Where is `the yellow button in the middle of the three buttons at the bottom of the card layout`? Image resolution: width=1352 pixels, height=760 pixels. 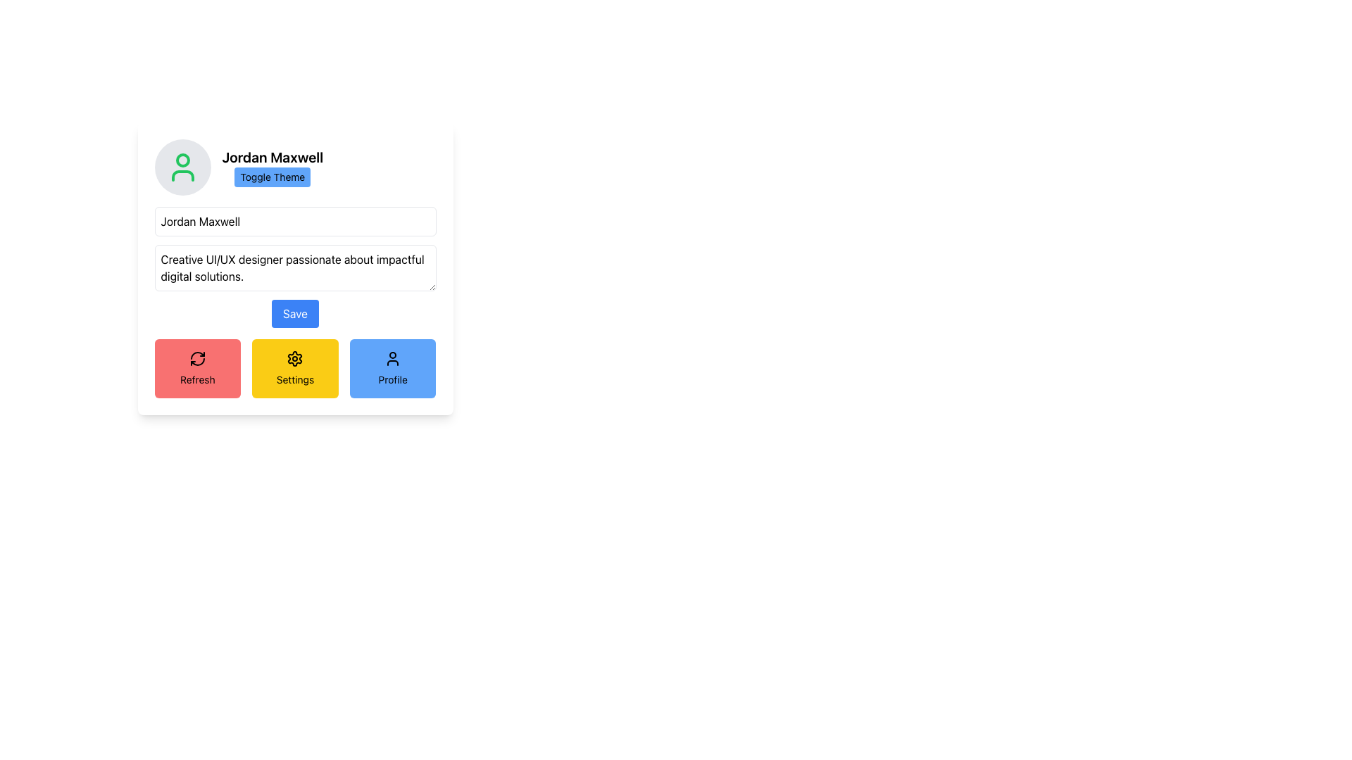
the yellow button in the middle of the three buttons at the bottom of the card layout is located at coordinates (294, 368).